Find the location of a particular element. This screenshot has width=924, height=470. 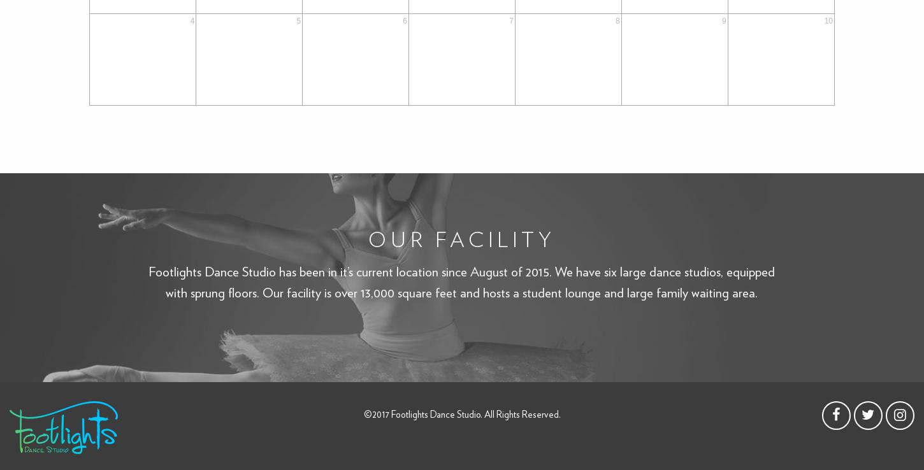

'8' is located at coordinates (617, 20).